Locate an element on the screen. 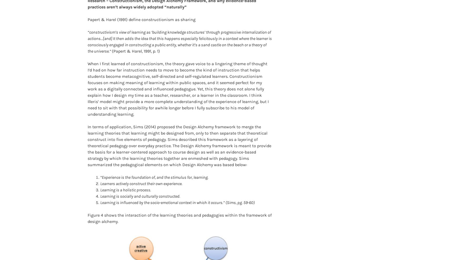 This screenshot has width=470, height=260. 'In terms of application, Sims (2014) proposed the Design Alchemy framework to merge the learning theories that learning might be designed from, only to then separate that theoretical construct into five elements of pedagogy. Sims described this framework as a layering of theoretical pedagogy over everyday practice. The Design Alchemy framework is meant to provide the basis for a learner-centered approach to course design as well as an evidence-based strategy by which the learning theories together are enmeshed with pedagogy. Sims summarized the pedagogical elements on which Design Alchemy was based below:' is located at coordinates (179, 137).